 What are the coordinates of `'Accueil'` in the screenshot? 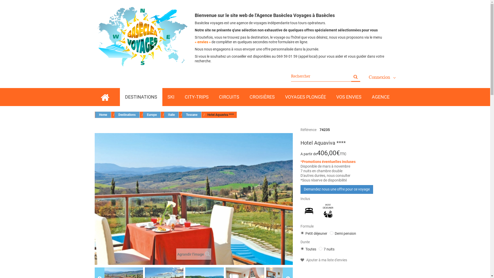 It's located at (104, 97).